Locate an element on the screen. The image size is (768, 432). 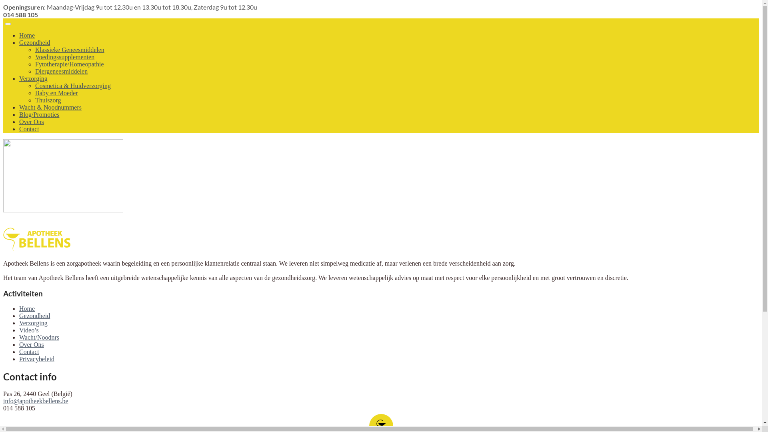
'Contact' is located at coordinates (29, 128).